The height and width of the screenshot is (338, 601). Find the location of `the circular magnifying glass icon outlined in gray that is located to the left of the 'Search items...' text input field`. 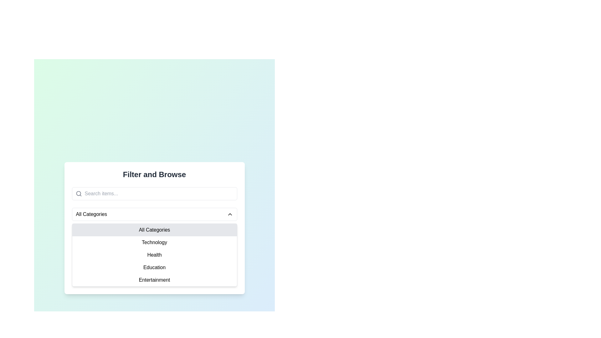

the circular magnifying glass icon outlined in gray that is located to the left of the 'Search items...' text input field is located at coordinates (78, 193).